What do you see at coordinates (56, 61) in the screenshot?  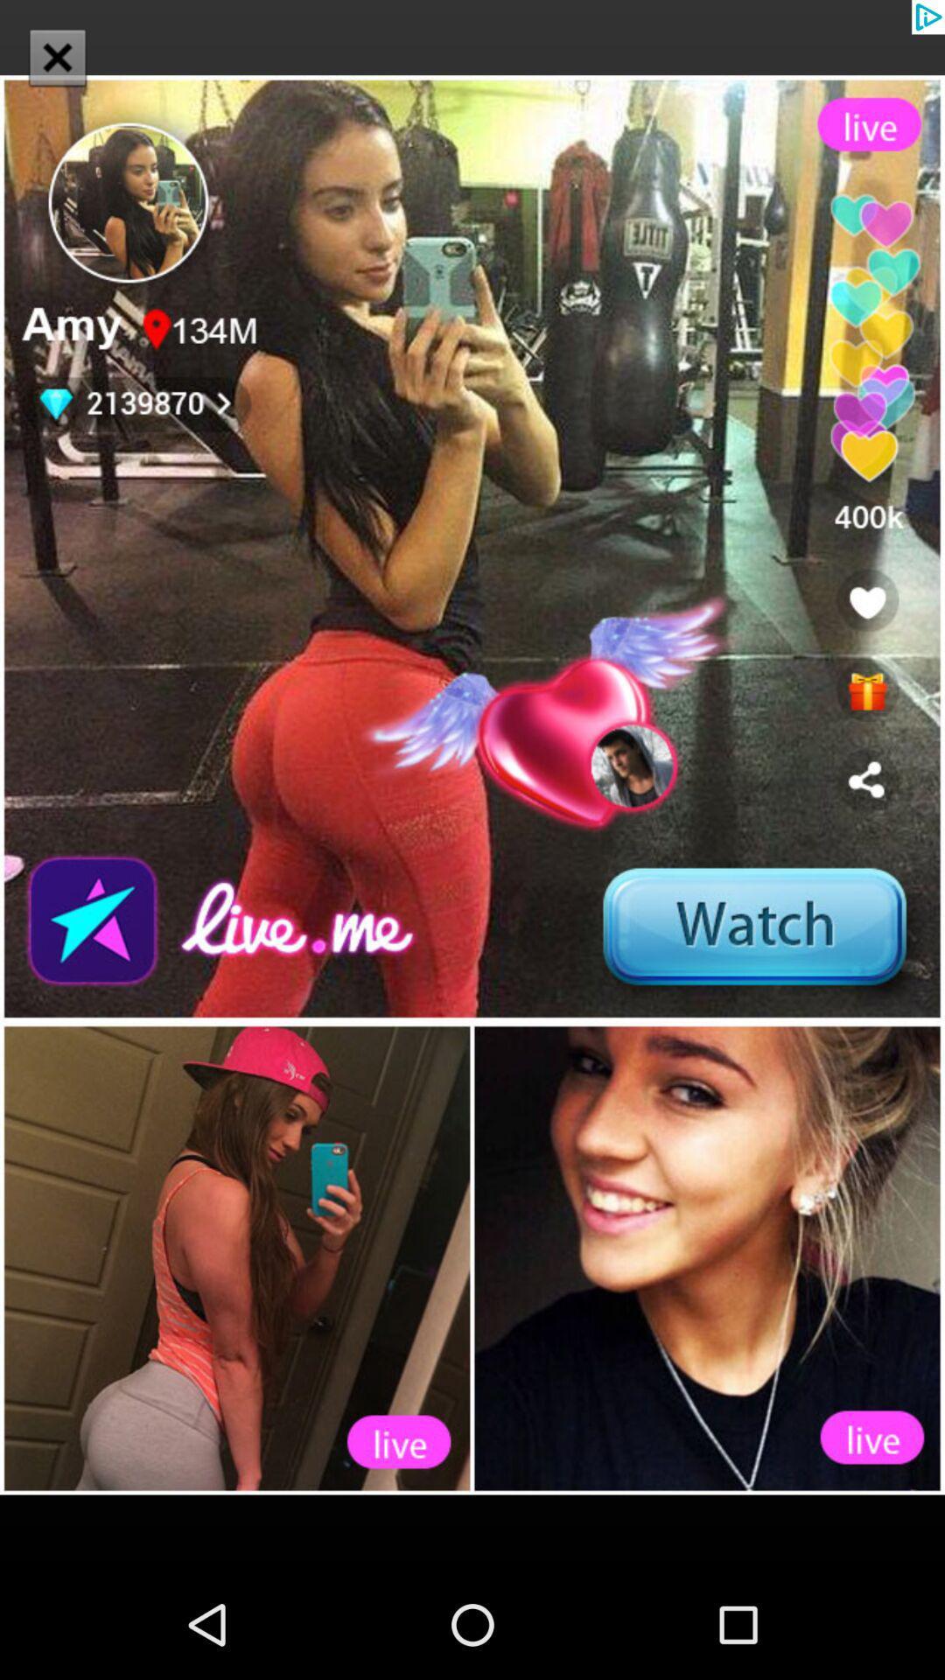 I see `the close icon` at bounding box center [56, 61].